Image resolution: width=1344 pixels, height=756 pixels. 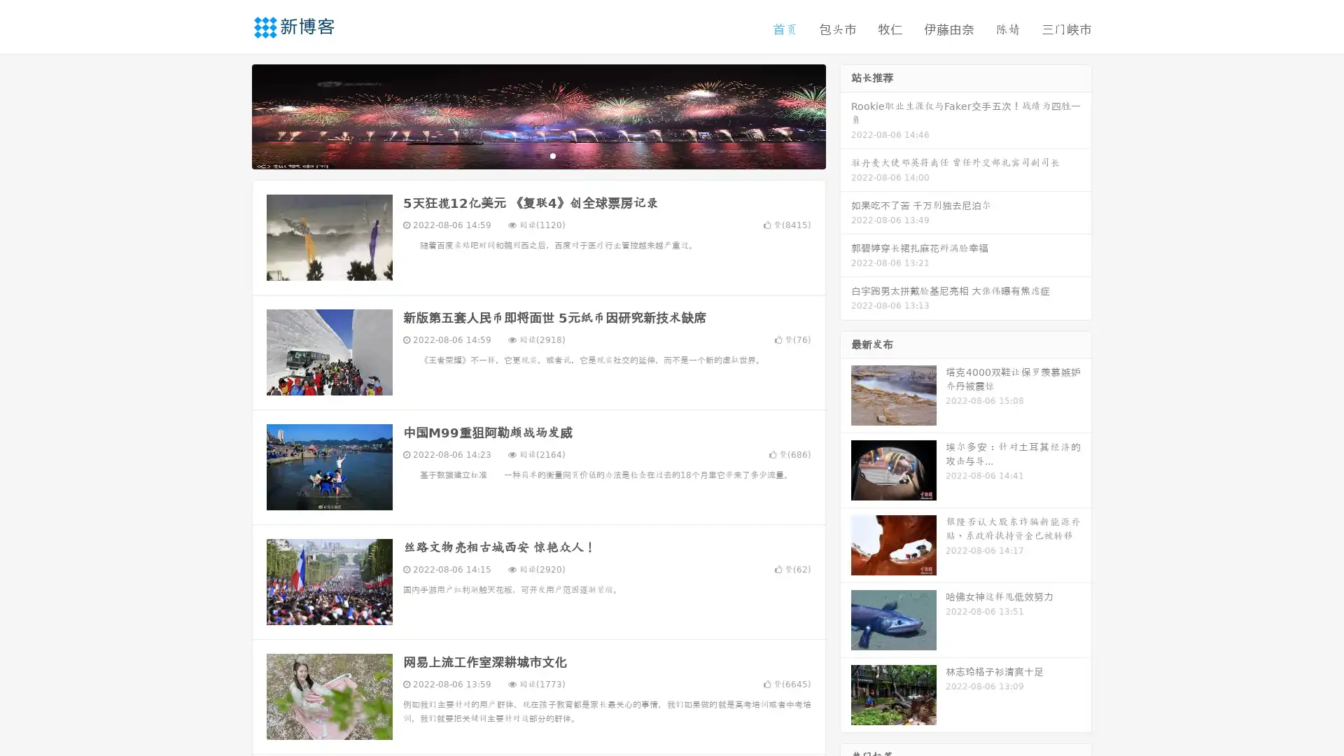 I want to click on Go to slide 3, so click(x=552, y=157).